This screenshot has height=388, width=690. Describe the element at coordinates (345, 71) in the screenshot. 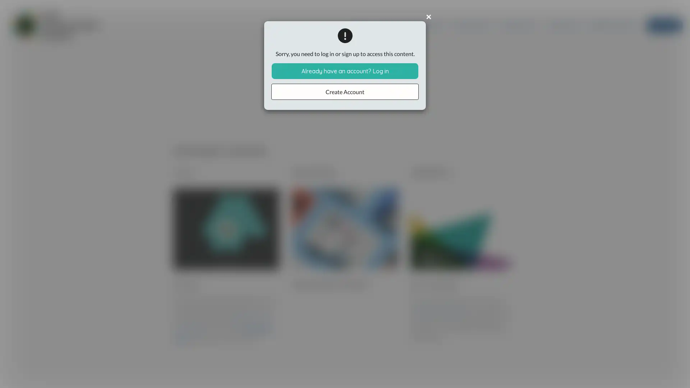

I see `Already have an account? Log in` at that location.